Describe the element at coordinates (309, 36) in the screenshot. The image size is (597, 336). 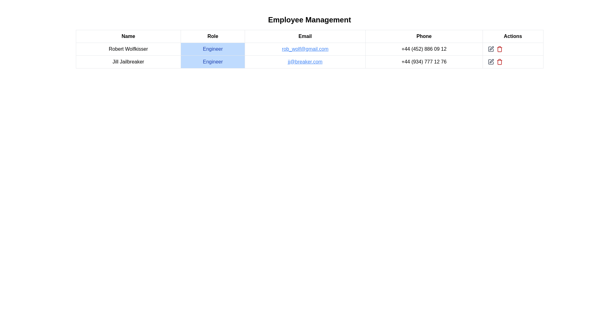
I see `the header row of the data table to sort the data by the selected column` at that location.